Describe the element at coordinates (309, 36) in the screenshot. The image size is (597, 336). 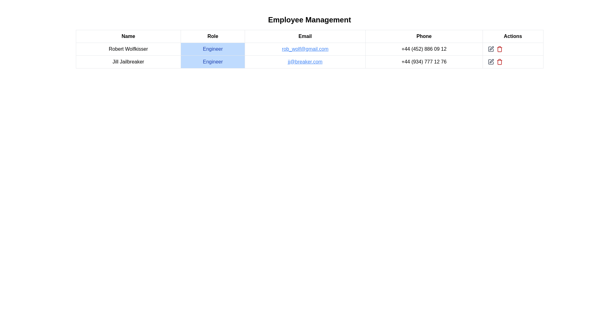
I see `the header row of the data table to sort the data by the selected column` at that location.